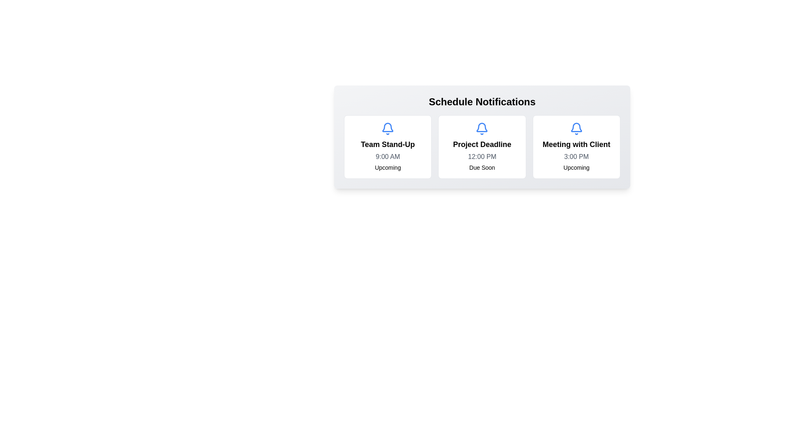  I want to click on the text label displaying 'Meeting with Client', which is styled in a large, bold font and is positioned within the third card under 'Schedule Notifications', so click(576, 144).